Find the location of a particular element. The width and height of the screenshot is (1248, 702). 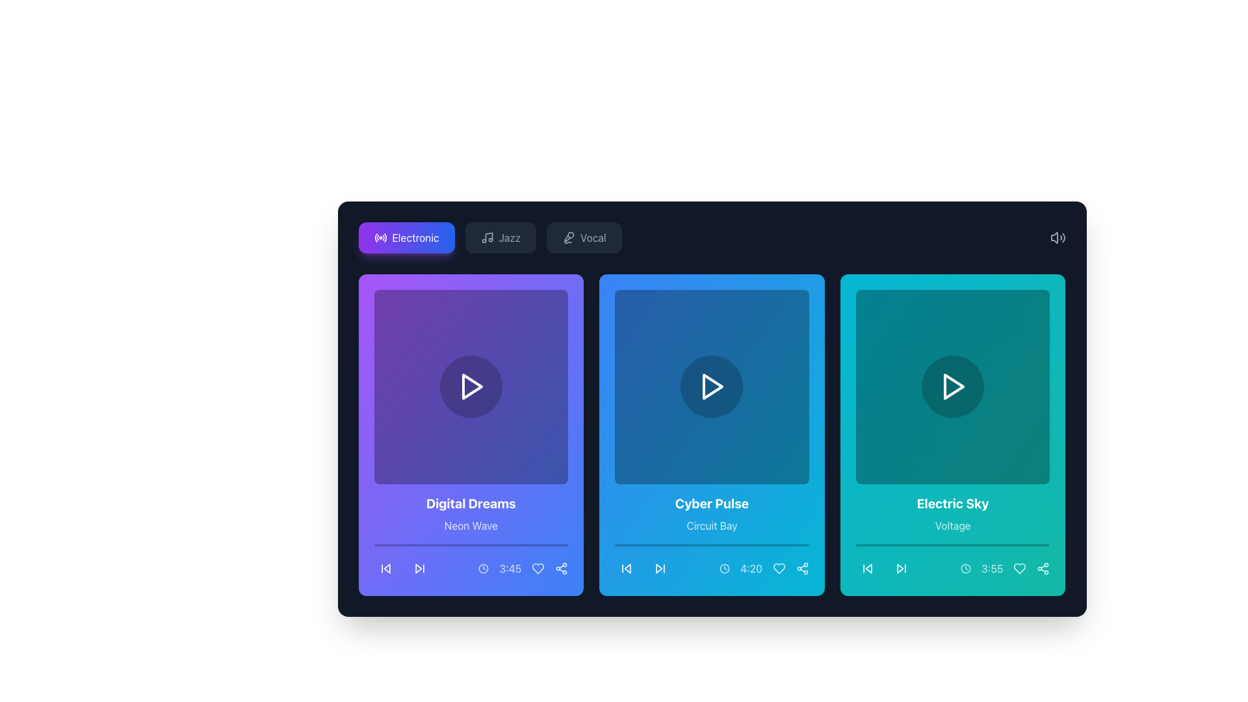

the skip-backward button, which is a right-facing arrowhead is located at coordinates (386, 567).